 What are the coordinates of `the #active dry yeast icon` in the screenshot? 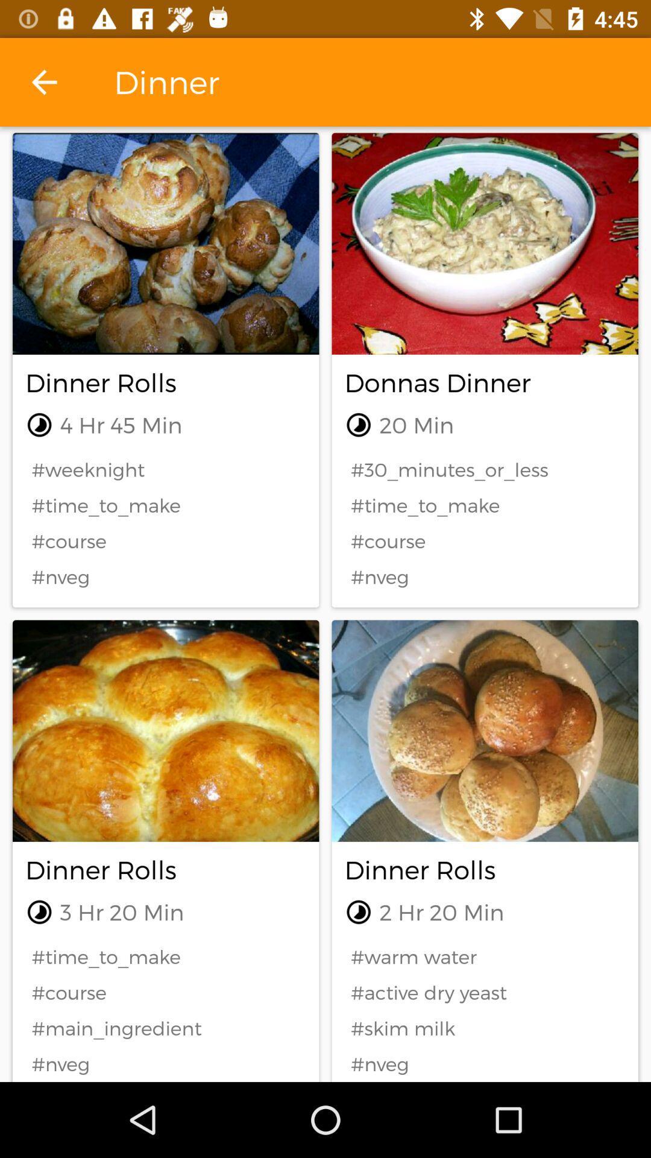 It's located at (484, 992).